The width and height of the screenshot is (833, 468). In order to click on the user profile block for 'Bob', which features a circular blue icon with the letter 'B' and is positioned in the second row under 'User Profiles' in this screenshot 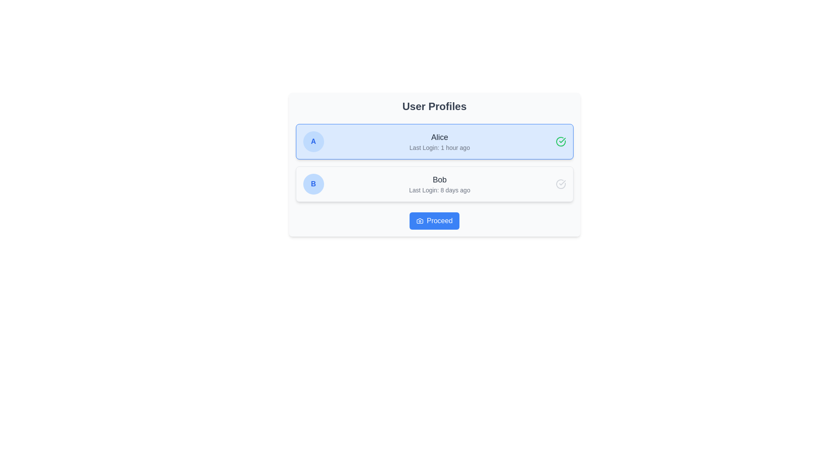, I will do `click(434, 183)`.